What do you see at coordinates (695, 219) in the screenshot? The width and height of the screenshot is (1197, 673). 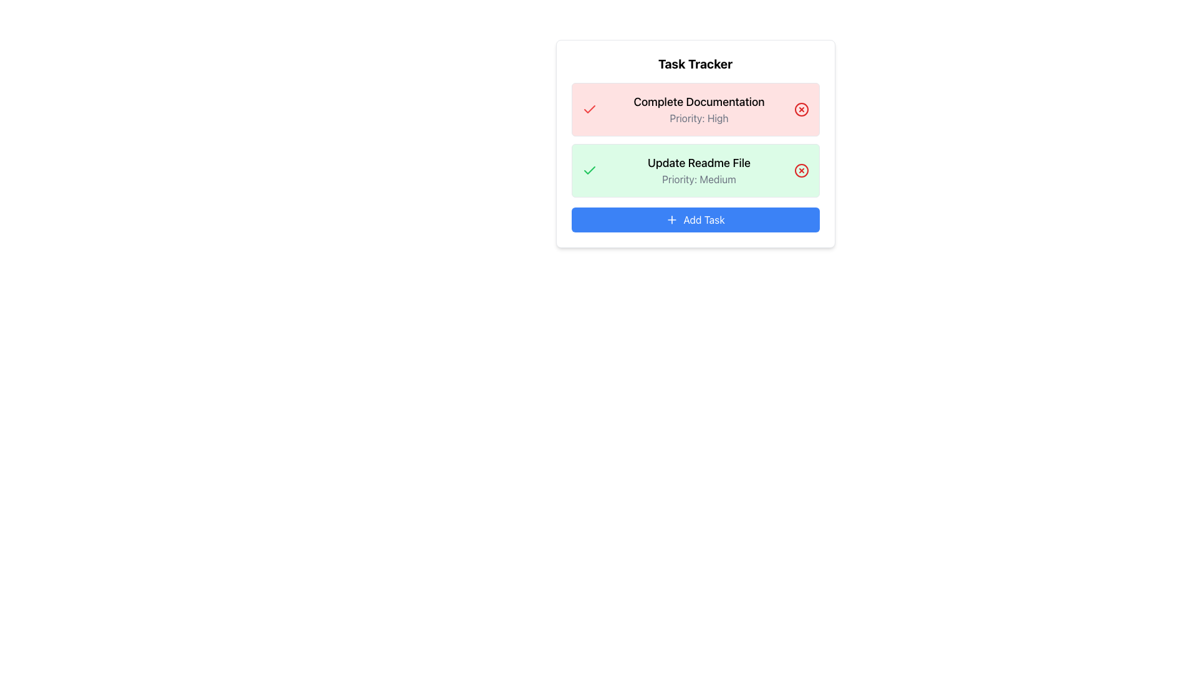 I see `the button located at the bottom of the task management interface` at bounding box center [695, 219].